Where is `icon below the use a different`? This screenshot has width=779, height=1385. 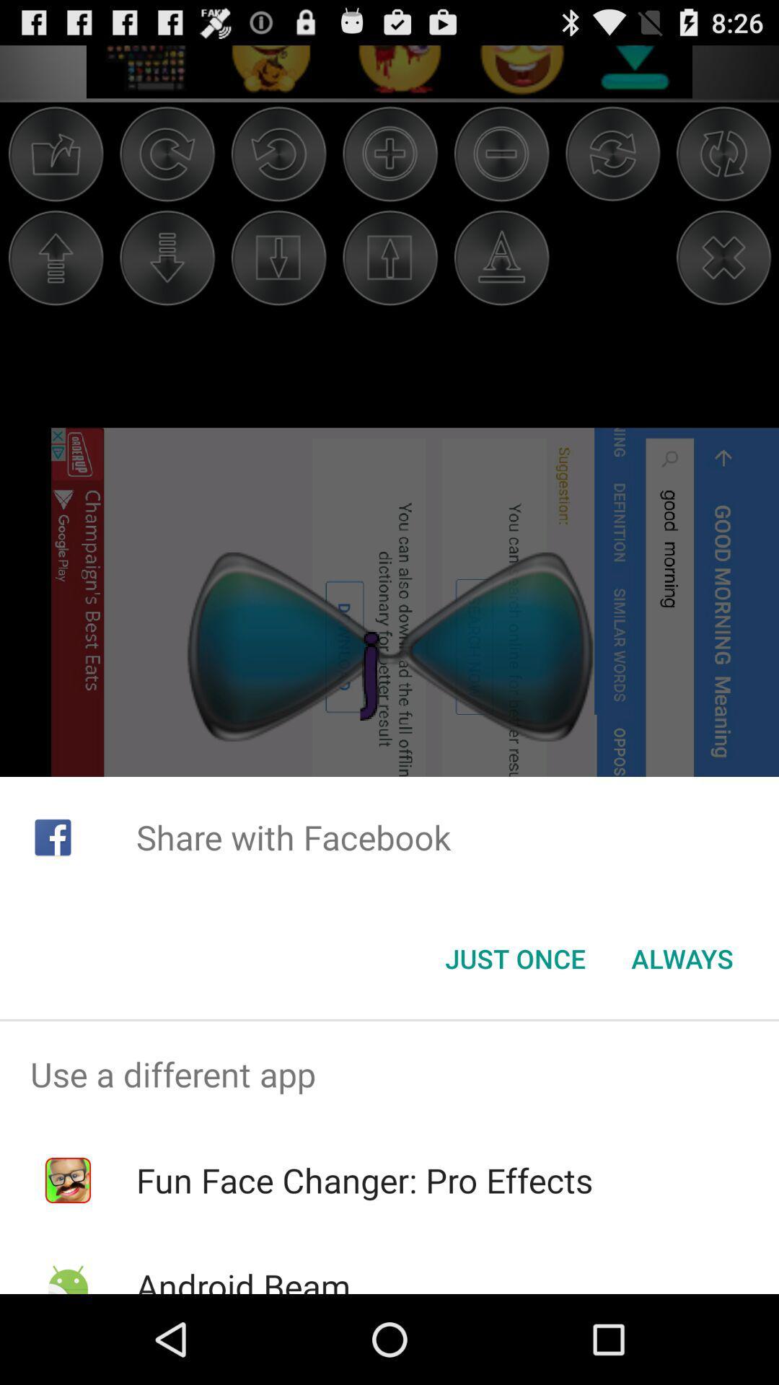
icon below the use a different is located at coordinates (364, 1180).